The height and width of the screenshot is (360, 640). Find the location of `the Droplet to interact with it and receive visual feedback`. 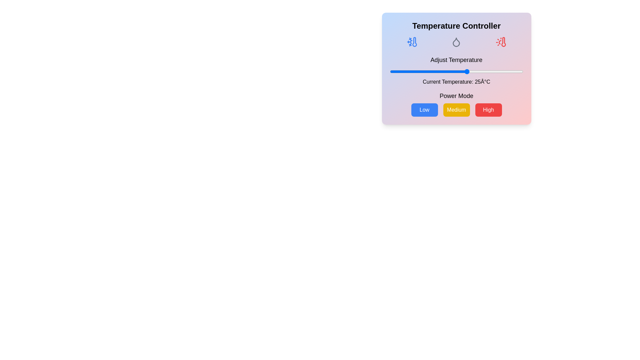

the Droplet to interact with it and receive visual feedback is located at coordinates (456, 42).